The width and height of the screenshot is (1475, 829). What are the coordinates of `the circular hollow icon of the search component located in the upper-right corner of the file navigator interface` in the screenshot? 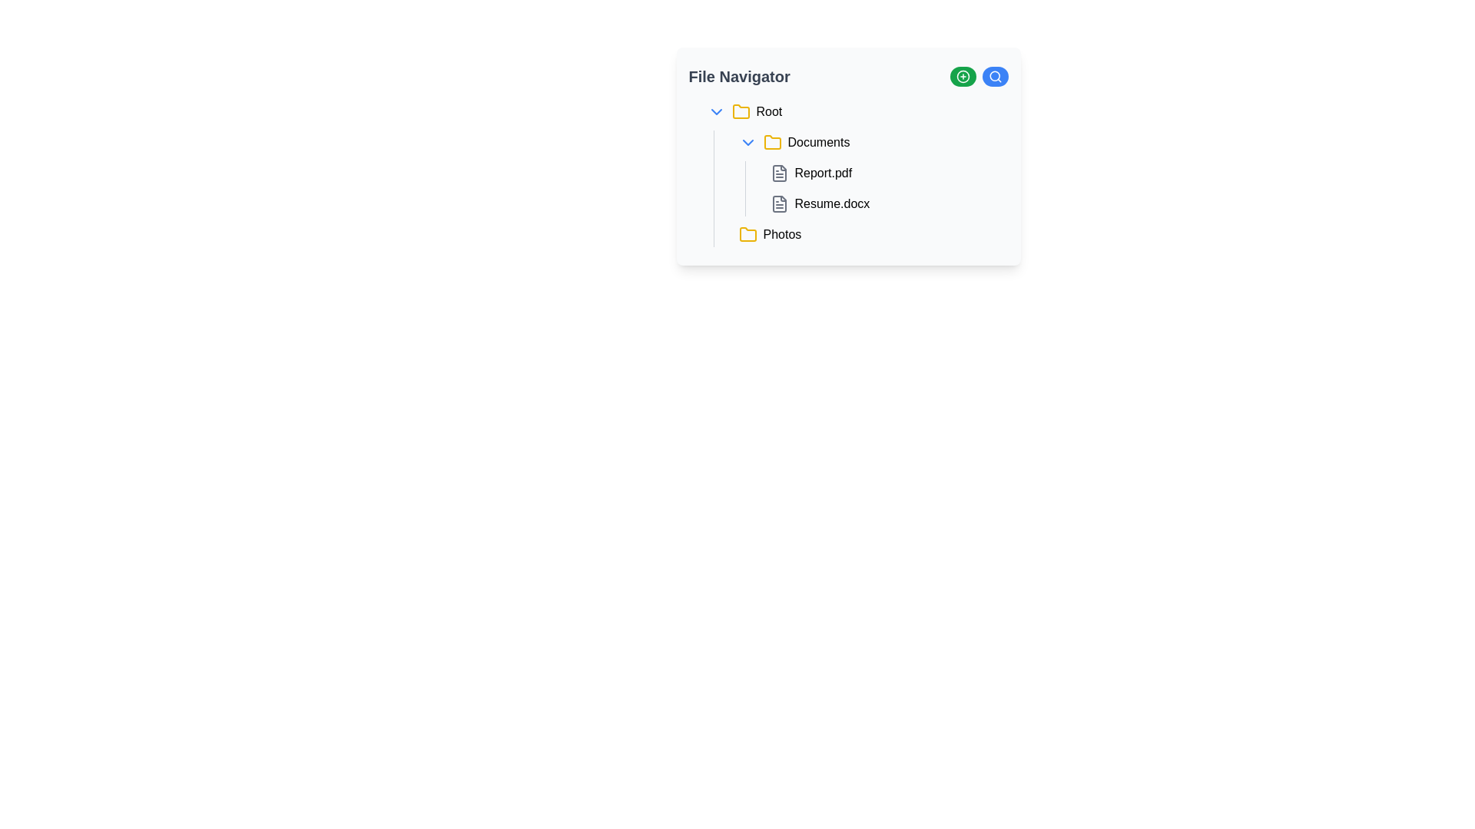 It's located at (994, 76).